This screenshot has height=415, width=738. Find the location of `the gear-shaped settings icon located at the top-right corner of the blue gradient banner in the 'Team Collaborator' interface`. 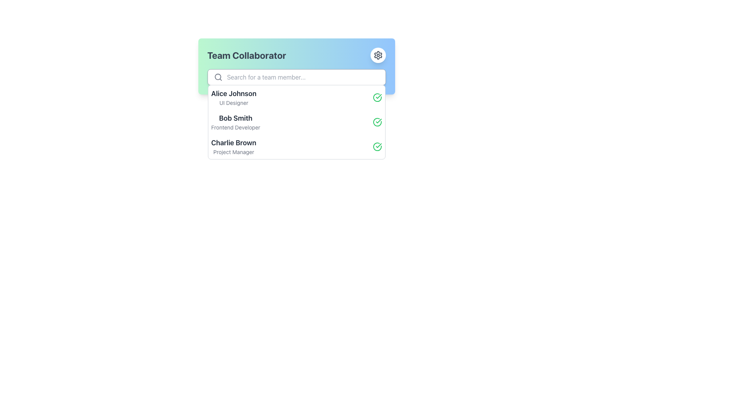

the gear-shaped settings icon located at the top-right corner of the blue gradient banner in the 'Team Collaborator' interface is located at coordinates (378, 55).